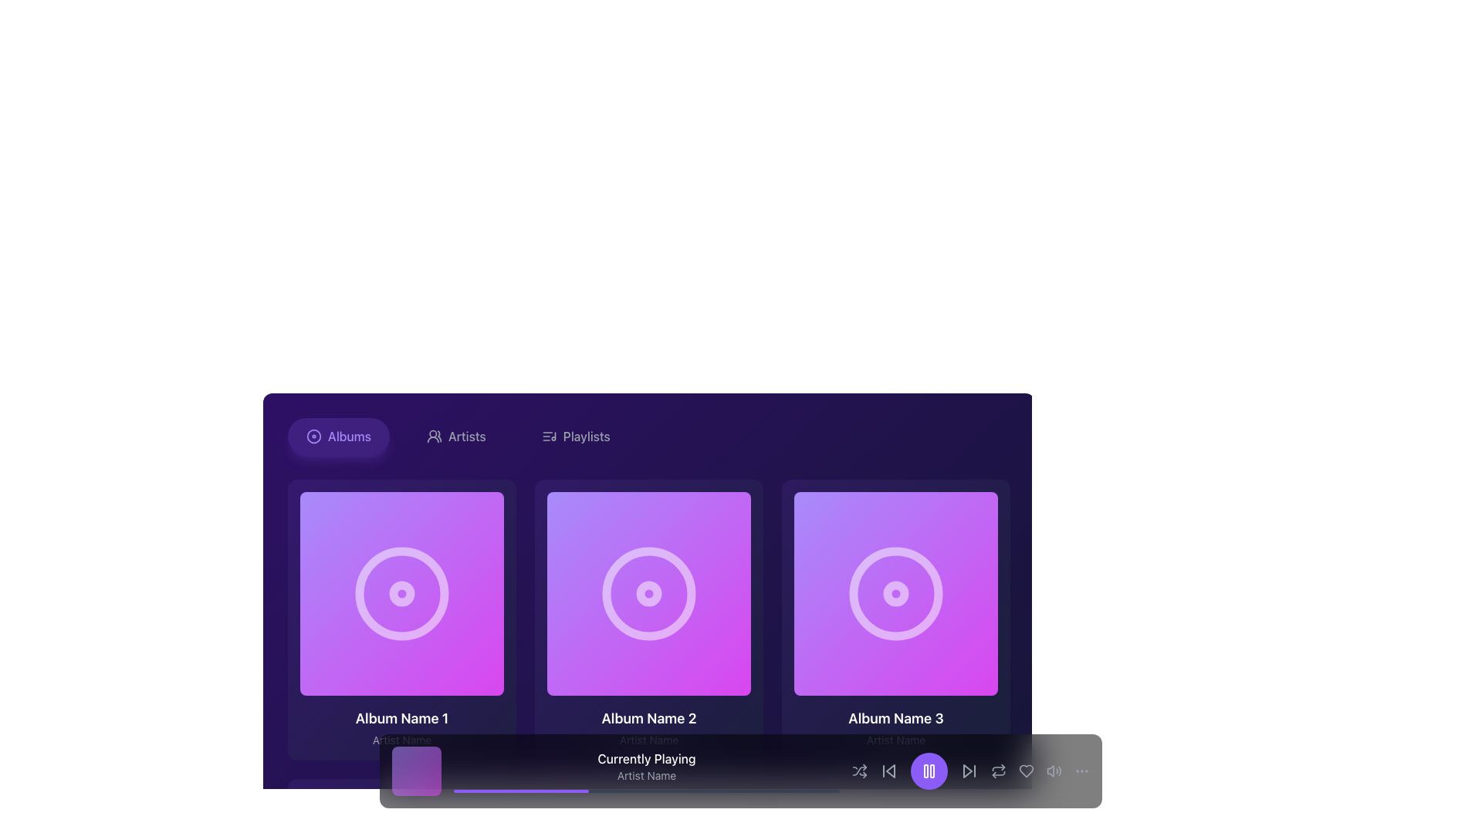 Image resolution: width=1482 pixels, height=833 pixels. Describe the element at coordinates (457, 437) in the screenshot. I see `the 'Artists' button, which is a rounded button with light gray text, located in the center of a horizontal menu flanked by 'Albums' and 'Playlists'` at that location.